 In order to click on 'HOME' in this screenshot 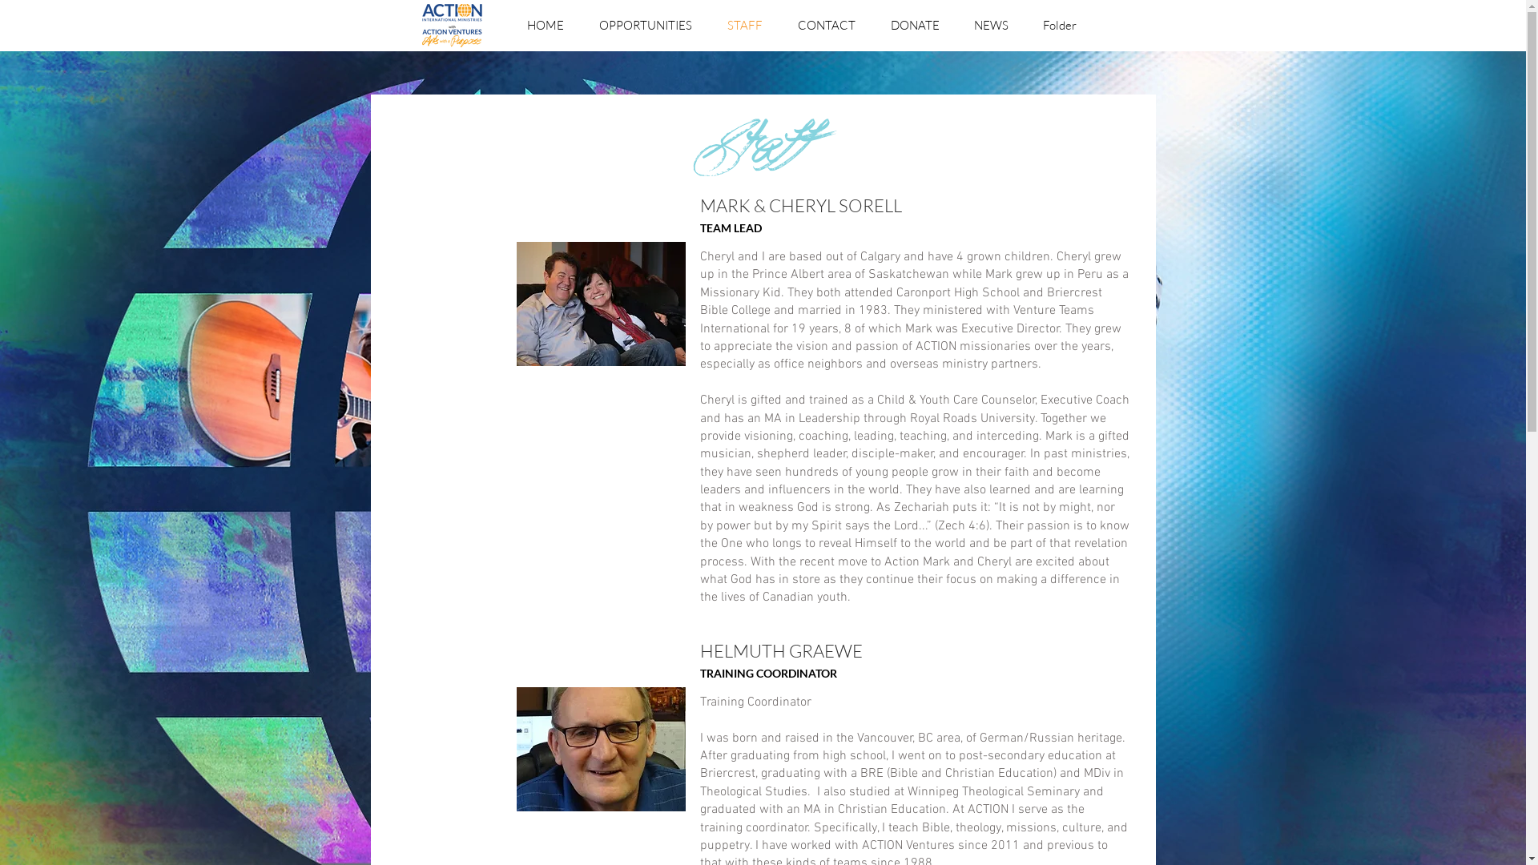, I will do `click(546, 25)`.